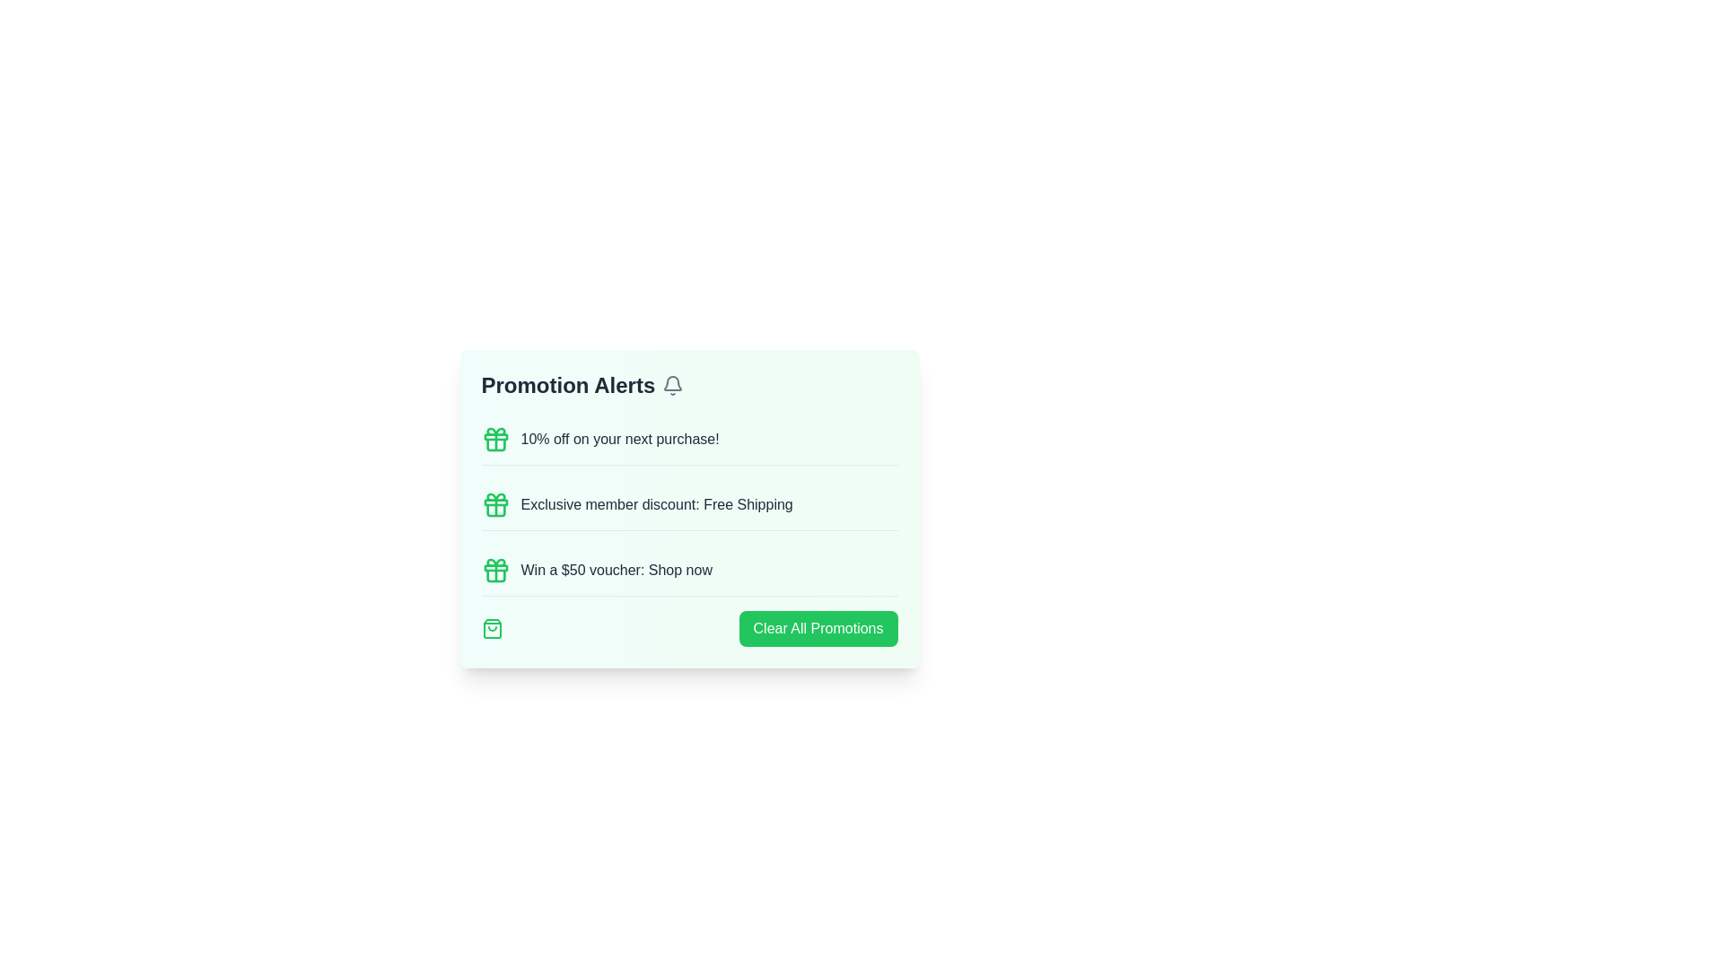 The image size is (1723, 969). I want to click on an individual promotion within the 'Promotion Alerts' section of the List with promotional items, which is visually structured for user reference, so click(688, 529).